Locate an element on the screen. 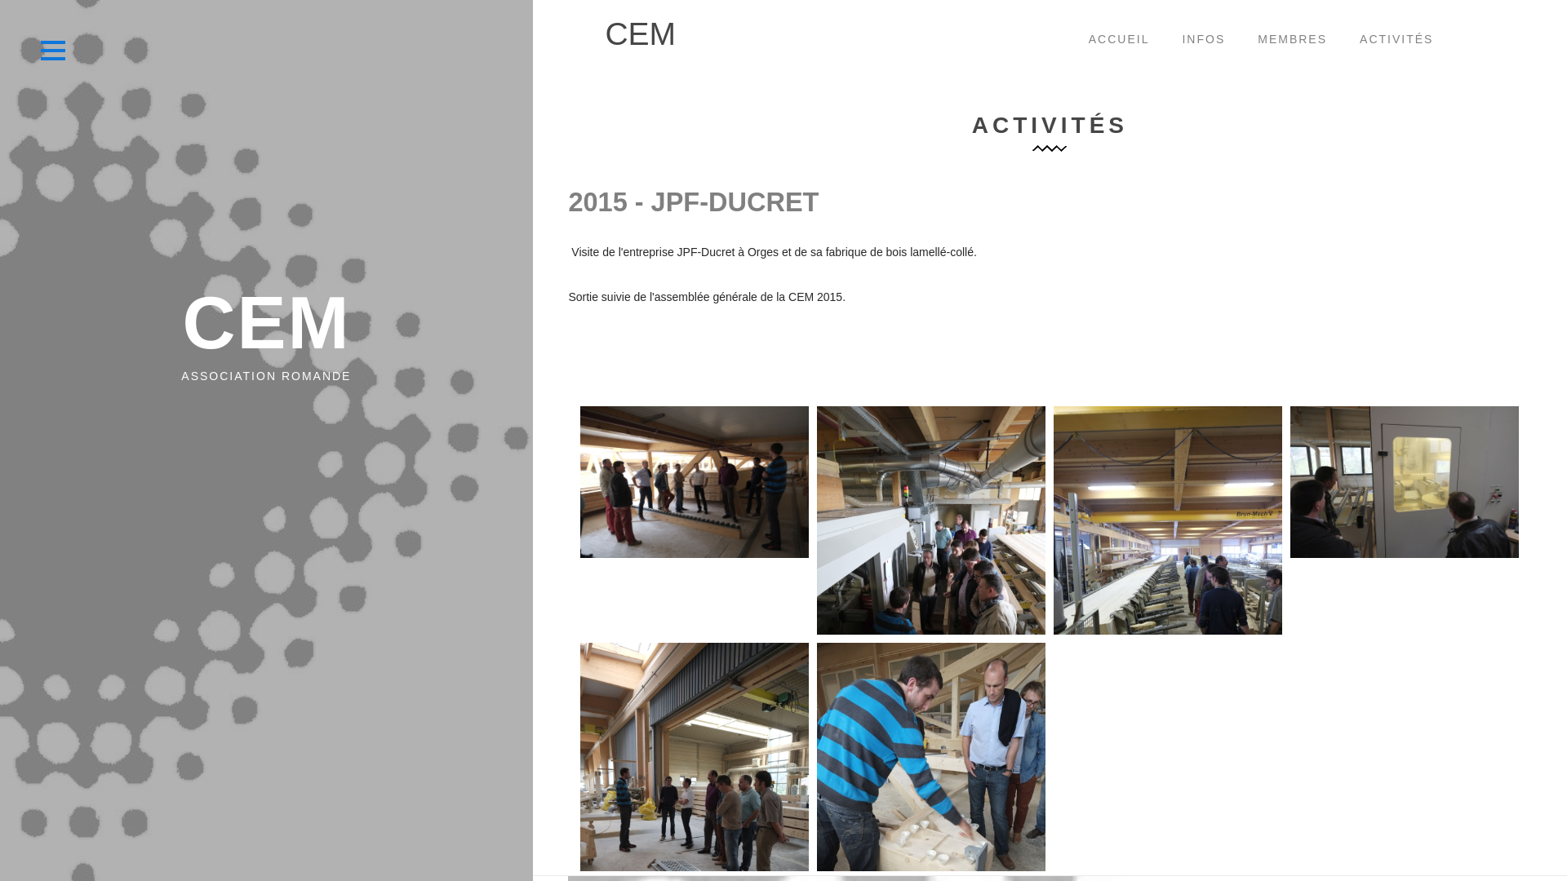  'MEMBRES' is located at coordinates (1291, 40).